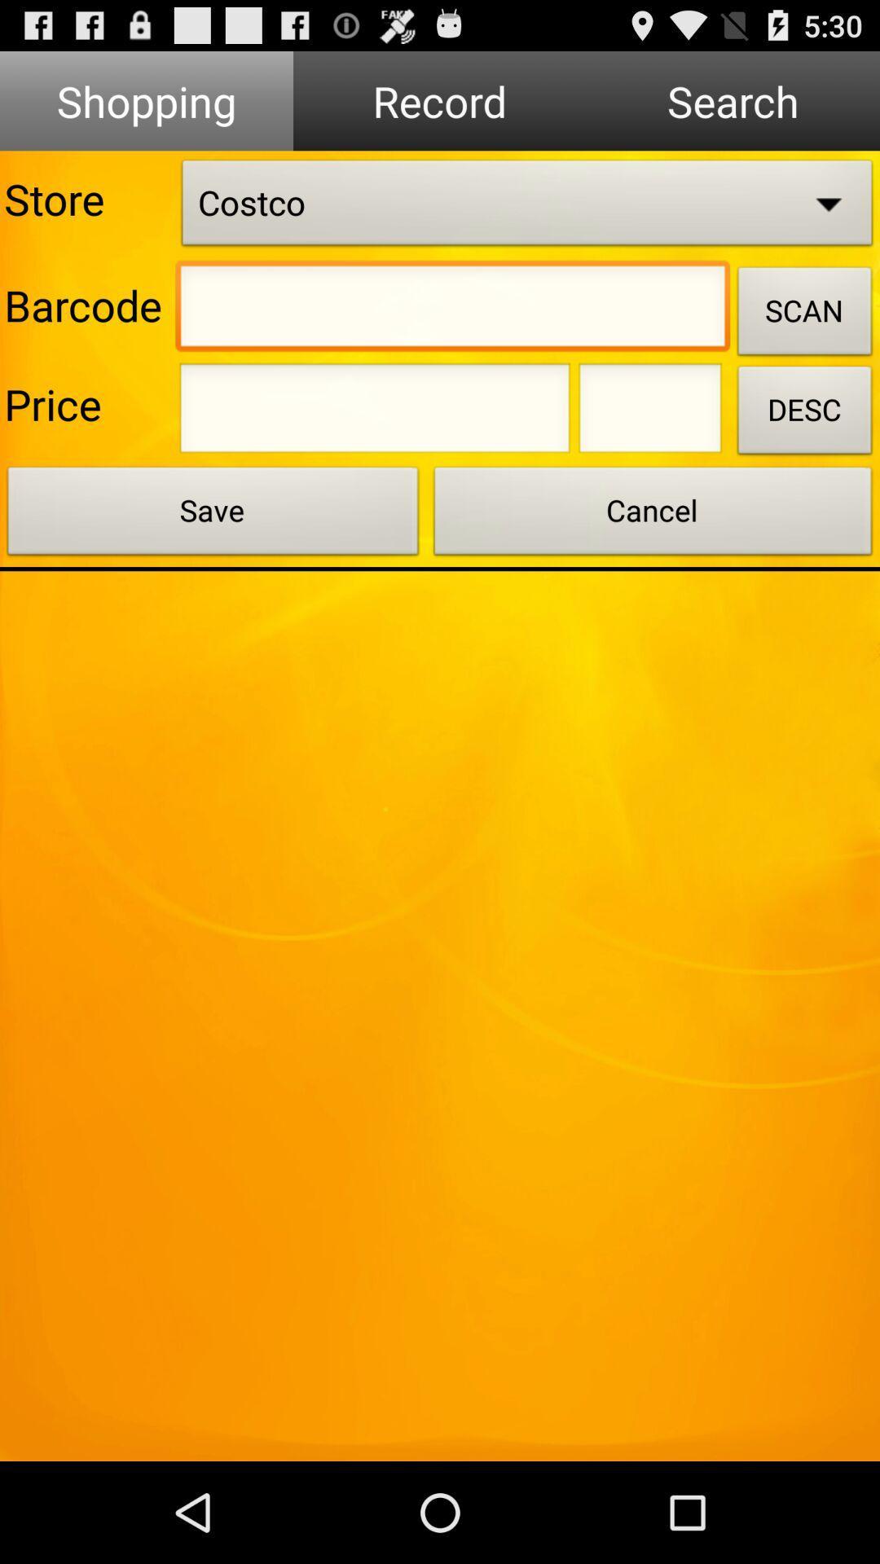 The width and height of the screenshot is (880, 1564). Describe the element at coordinates (732, 100) in the screenshot. I see `search` at that location.